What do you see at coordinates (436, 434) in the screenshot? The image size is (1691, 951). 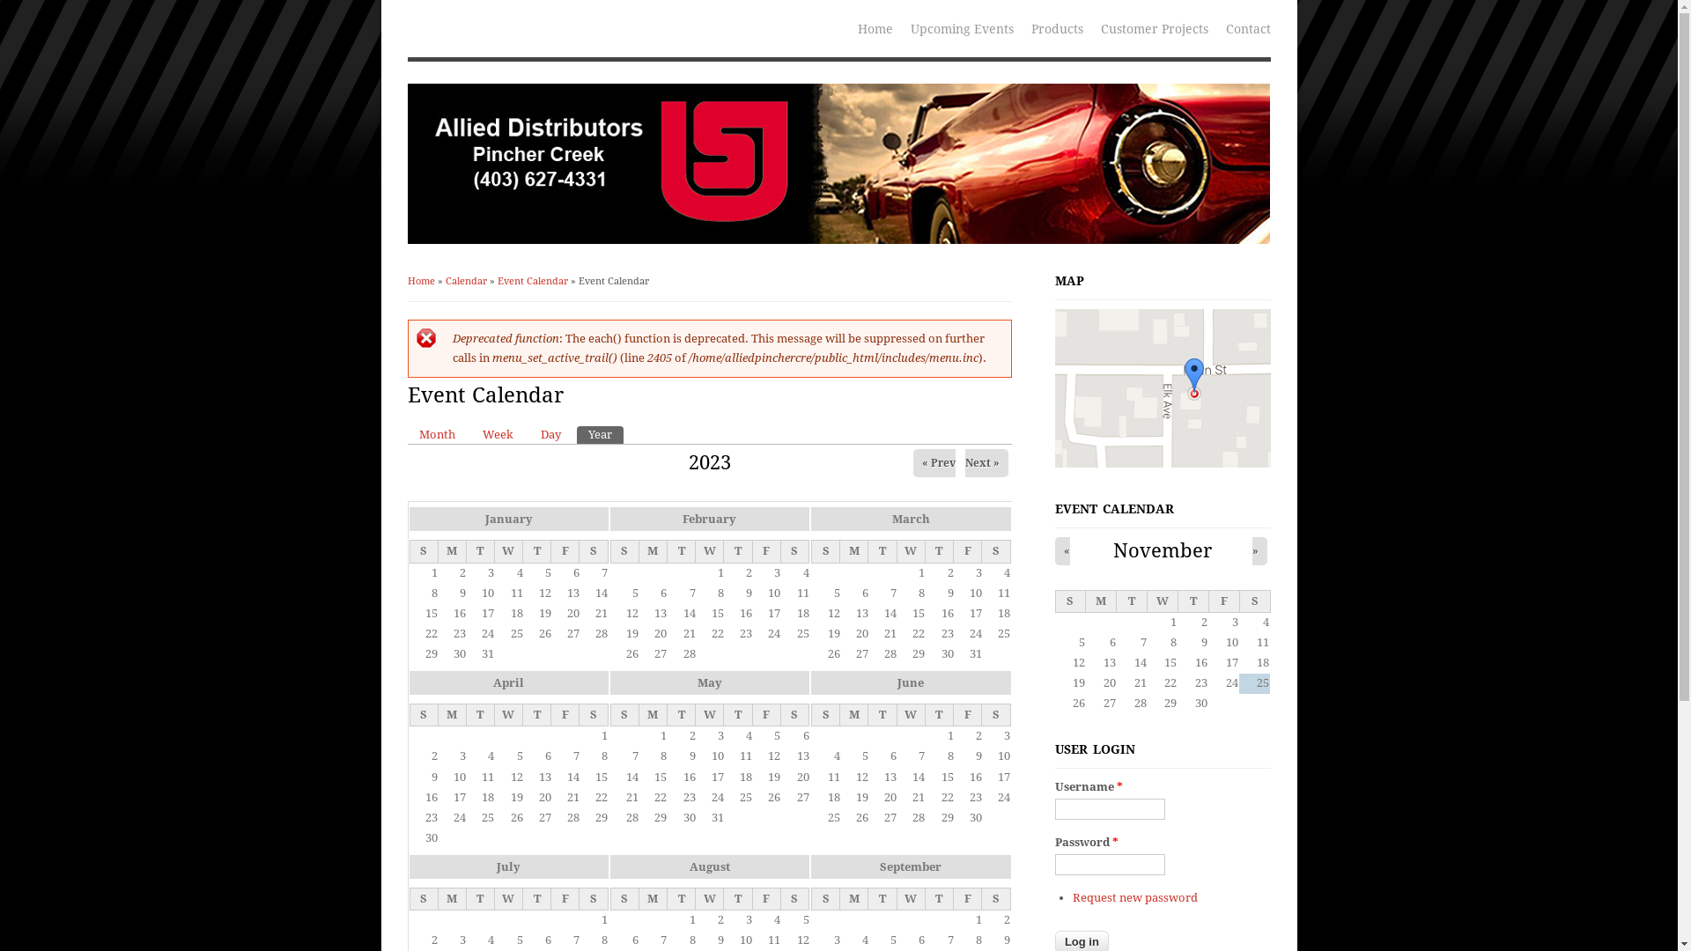 I see `'Month'` at bounding box center [436, 434].